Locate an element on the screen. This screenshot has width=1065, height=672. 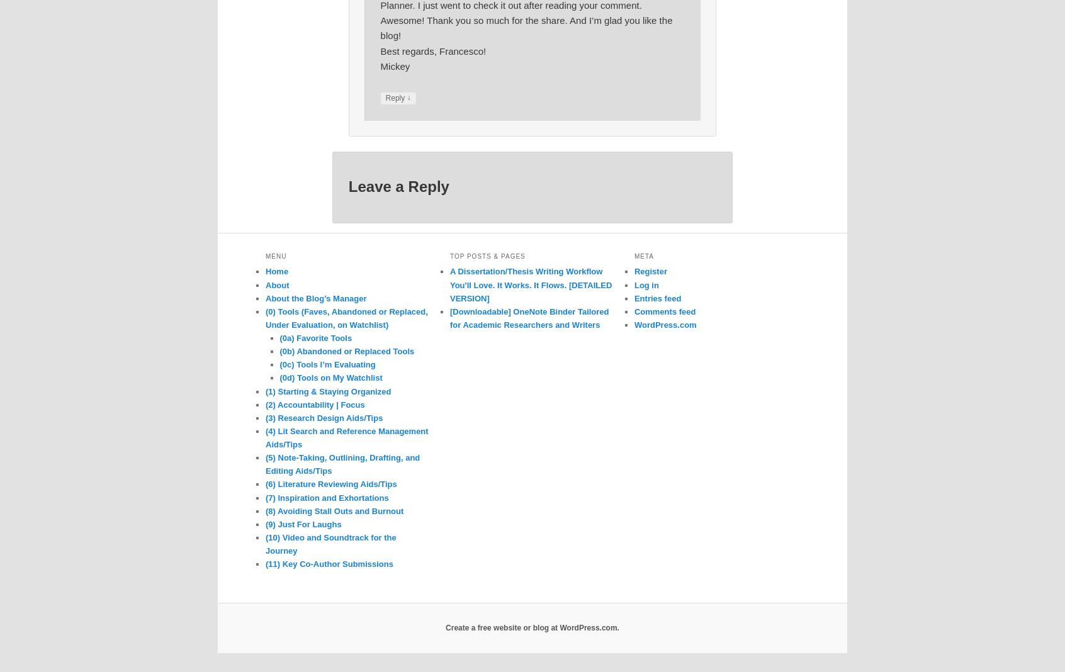
'(6) Literature Reviewing Aids/Tips' is located at coordinates (331, 484).